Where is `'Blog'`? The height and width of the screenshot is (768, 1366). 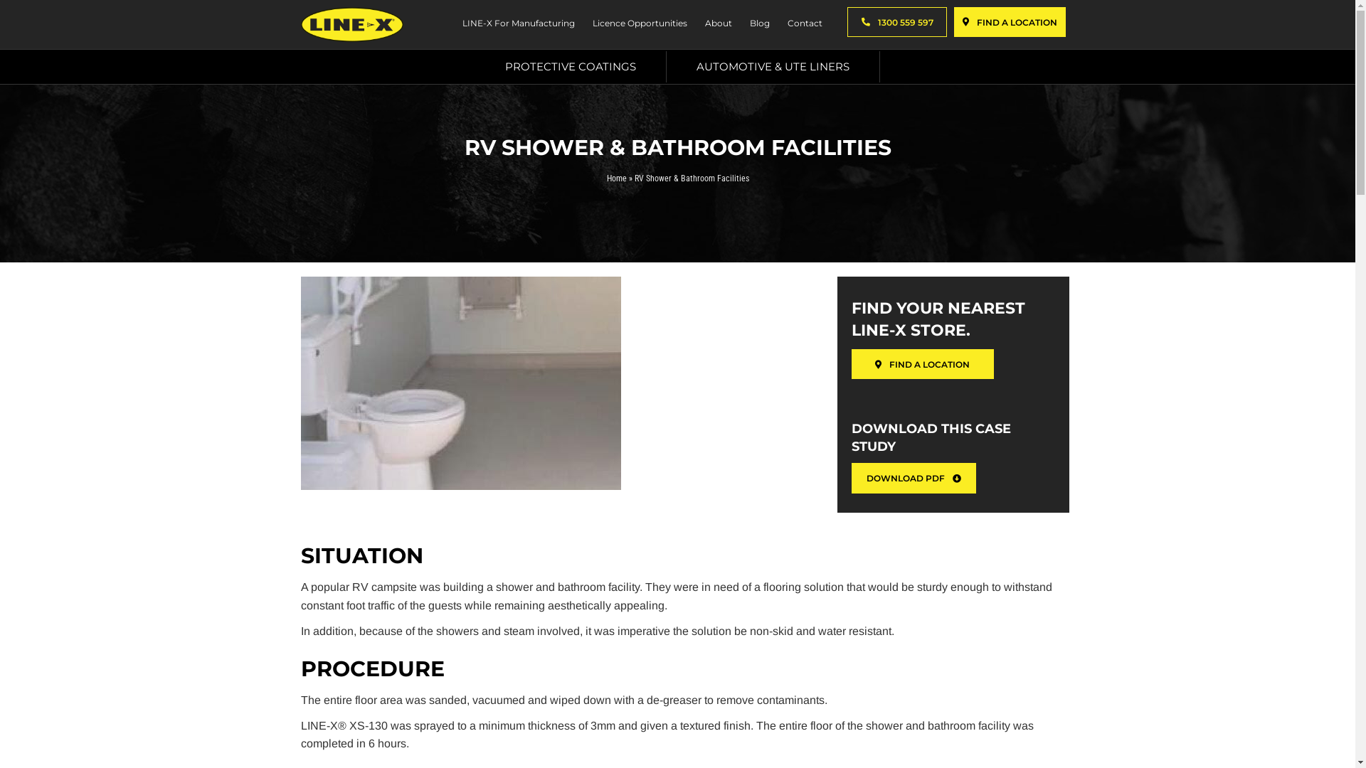
'Blog' is located at coordinates (757, 24).